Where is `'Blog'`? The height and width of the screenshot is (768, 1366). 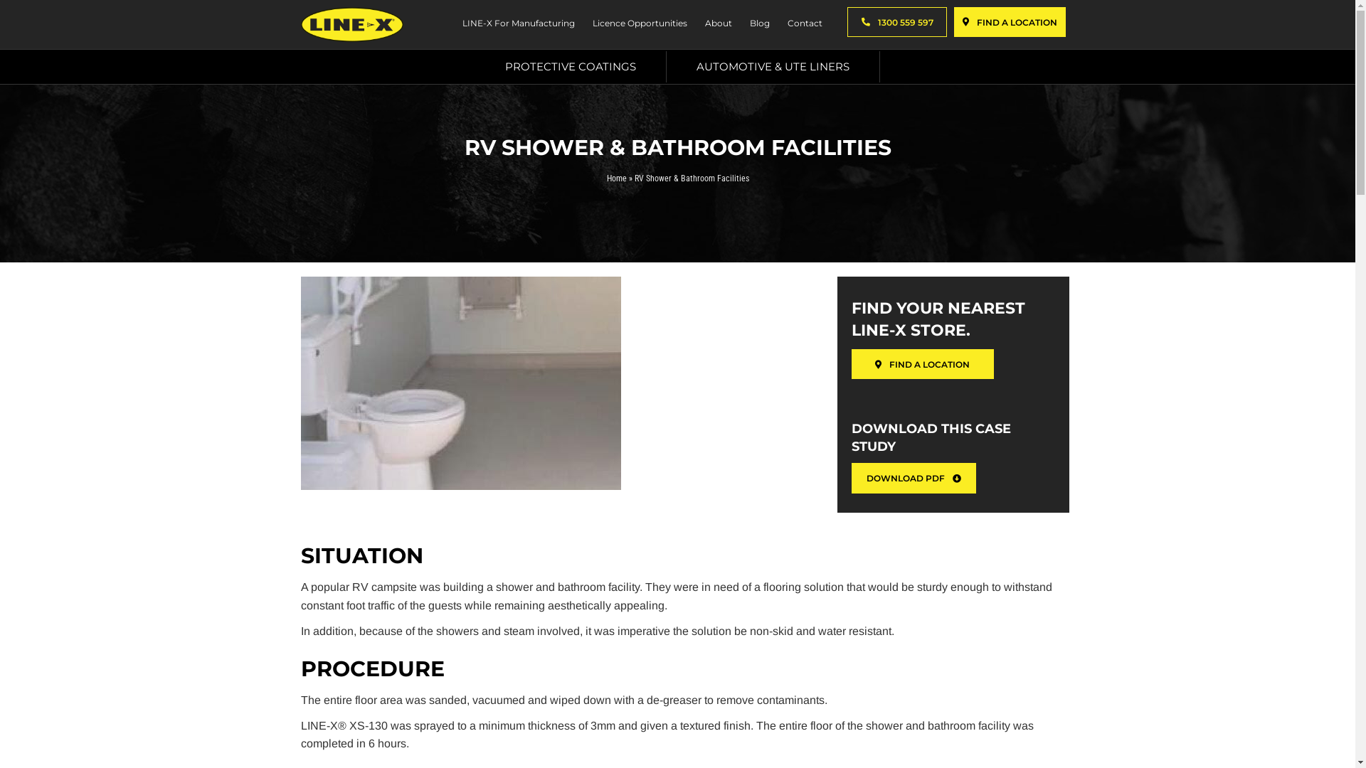
'Blog' is located at coordinates (757, 24).